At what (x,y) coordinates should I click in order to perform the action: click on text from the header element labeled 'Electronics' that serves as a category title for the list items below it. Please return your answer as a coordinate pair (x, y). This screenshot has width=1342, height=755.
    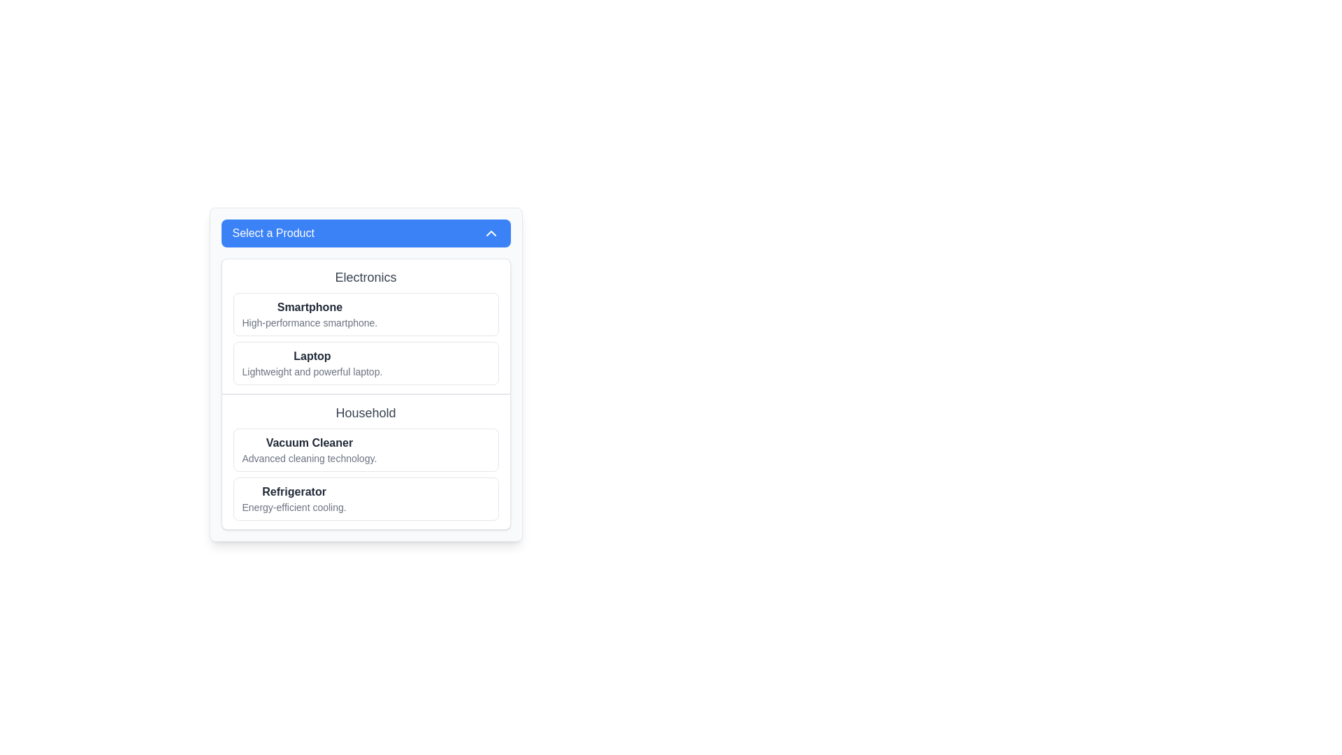
    Looking at the image, I should click on (366, 278).